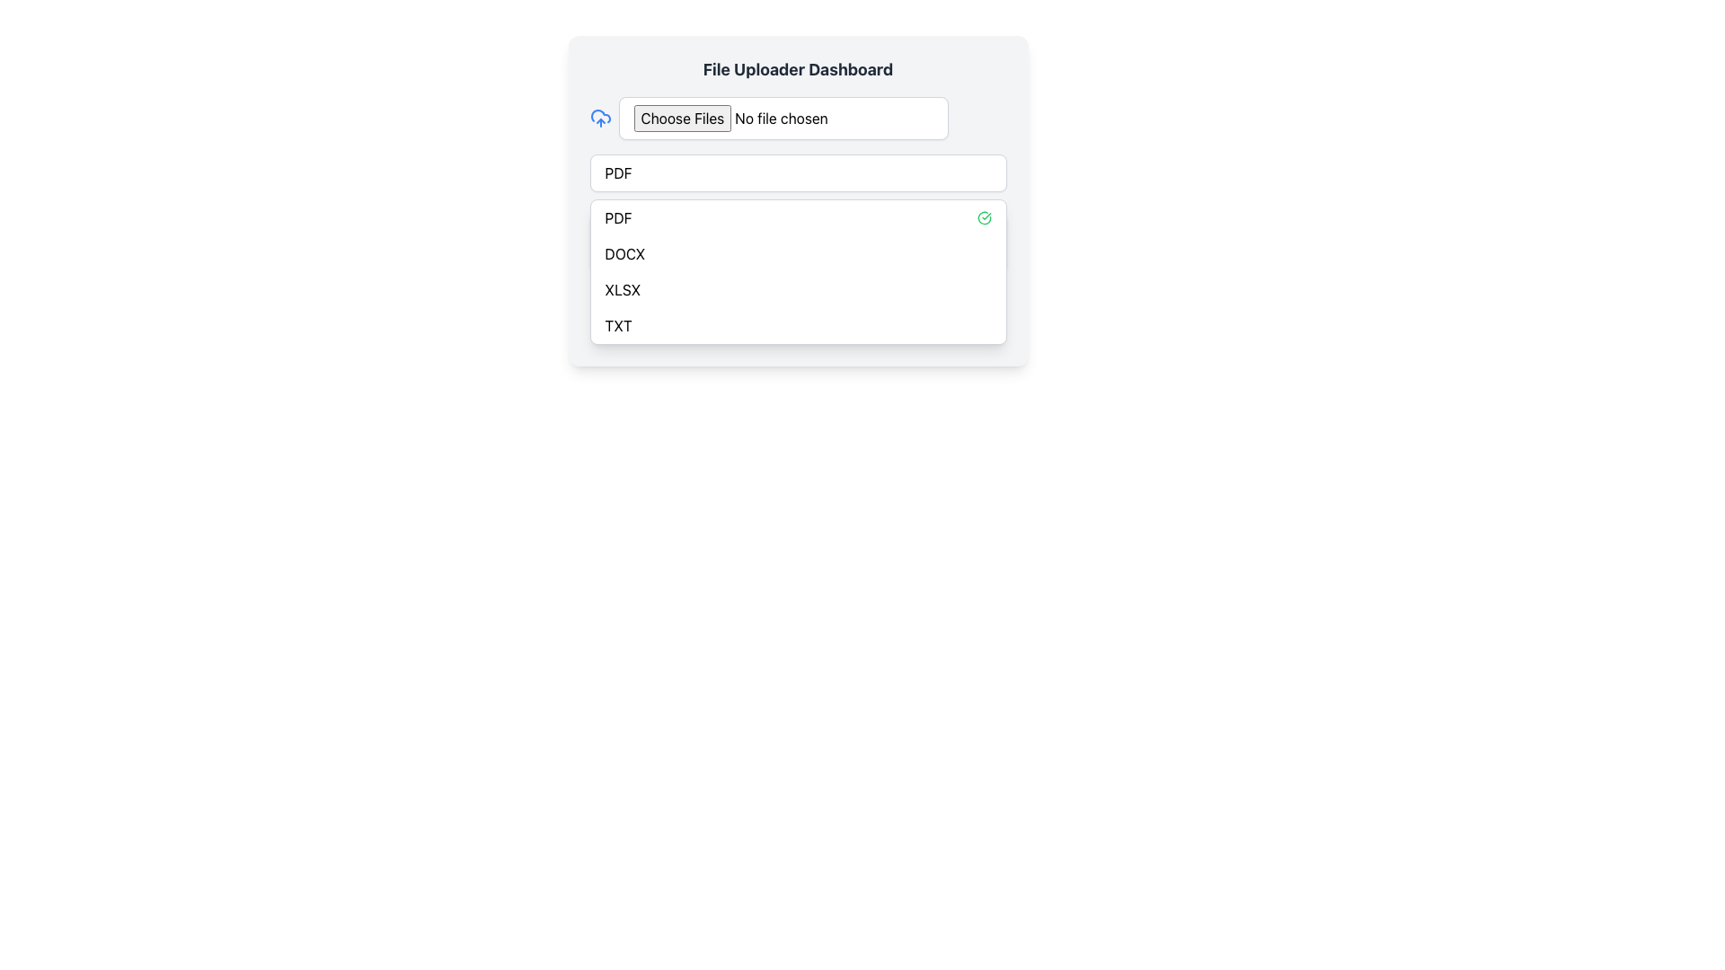  Describe the element at coordinates (623, 289) in the screenshot. I see `the 'XLSX' text option, which is the third selectable item in the dropdown list under the file upload interface` at that location.